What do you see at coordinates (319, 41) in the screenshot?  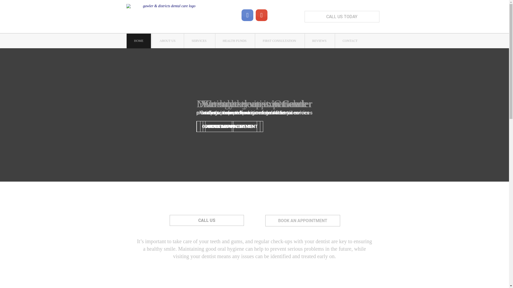 I see `'REVIEWS'` at bounding box center [319, 41].